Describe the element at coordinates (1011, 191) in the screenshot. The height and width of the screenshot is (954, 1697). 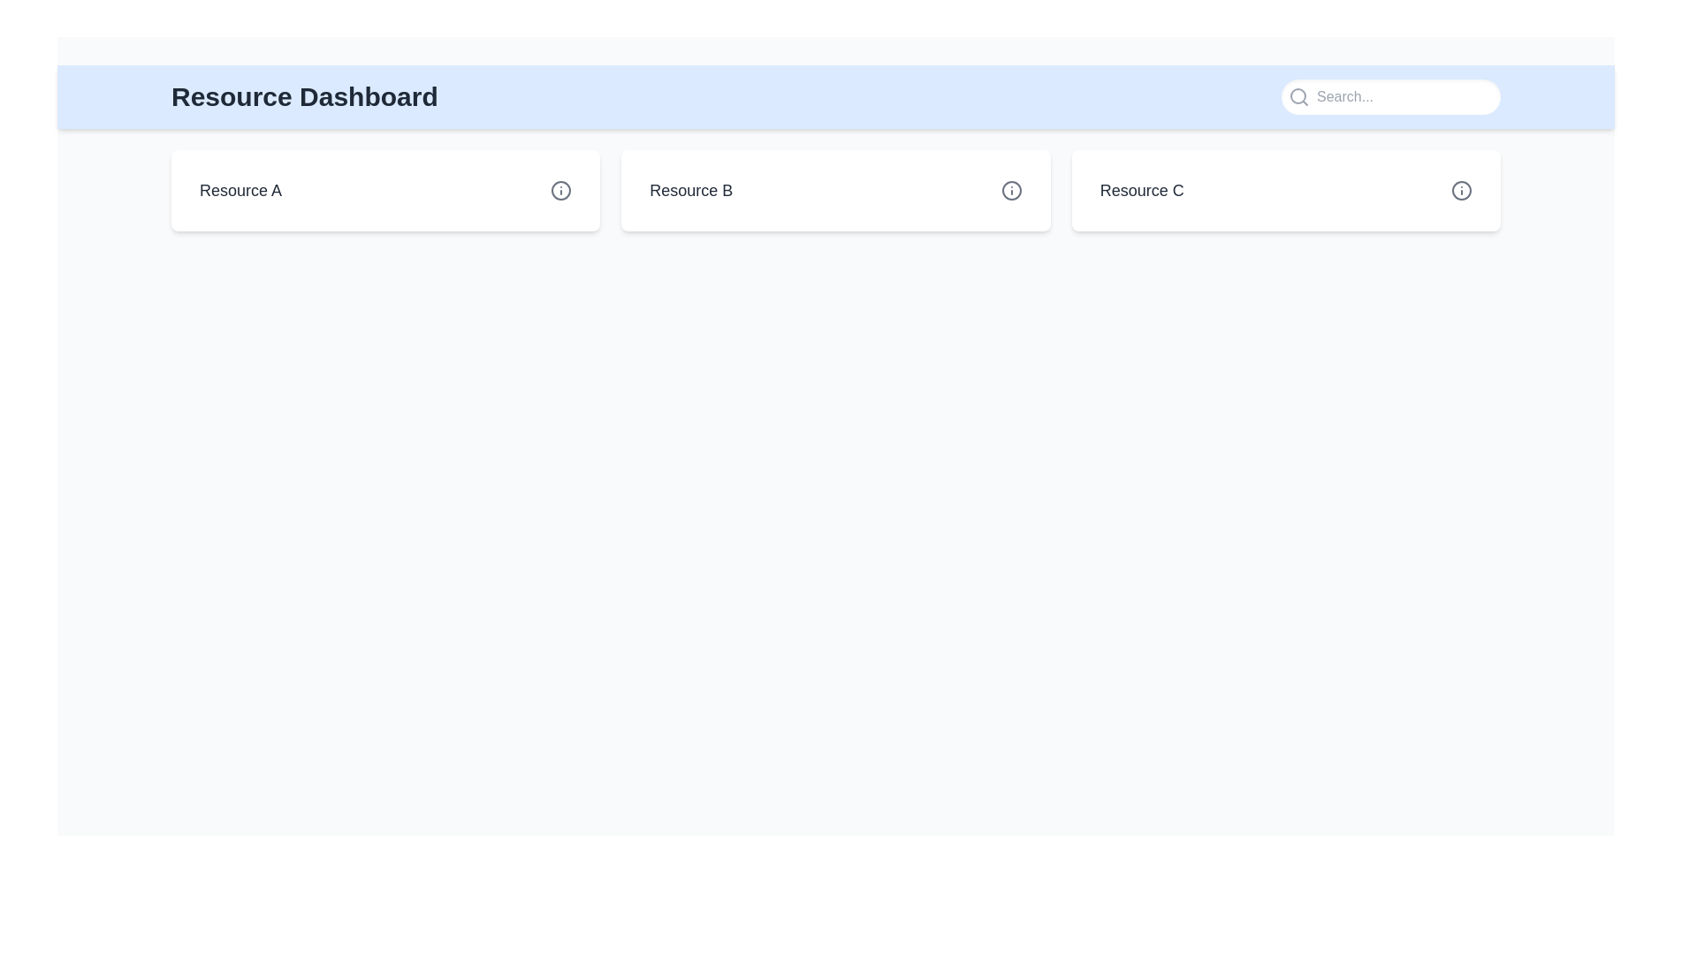
I see `the button located at the top-right corner of the card labeled 'Resource B', which provides additional information related to 'Resource B'` at that location.